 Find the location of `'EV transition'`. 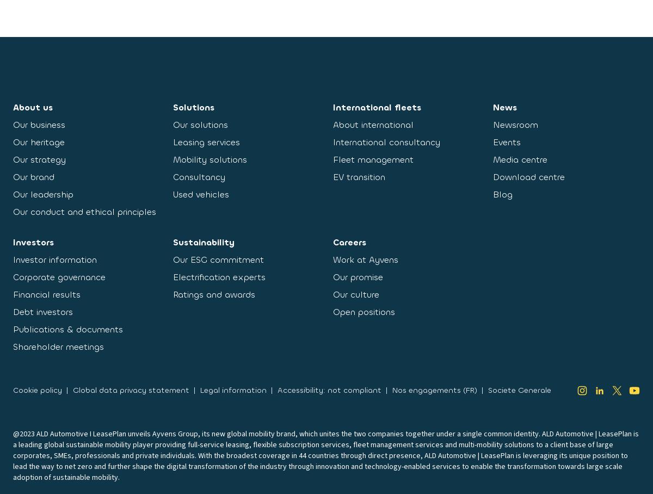

'EV transition' is located at coordinates (359, 176).